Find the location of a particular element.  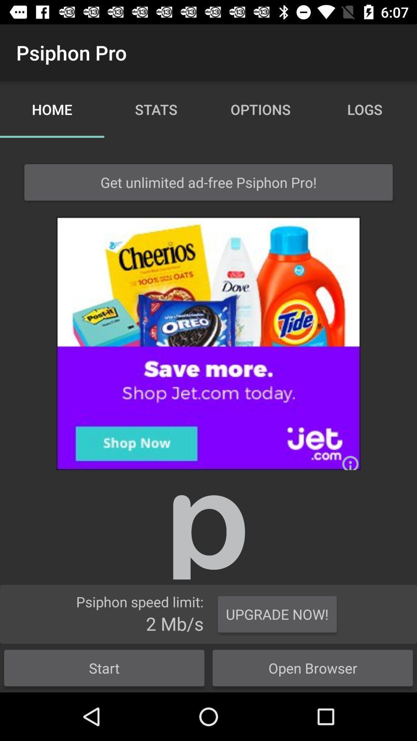

to advertisement box is located at coordinates (208, 343).